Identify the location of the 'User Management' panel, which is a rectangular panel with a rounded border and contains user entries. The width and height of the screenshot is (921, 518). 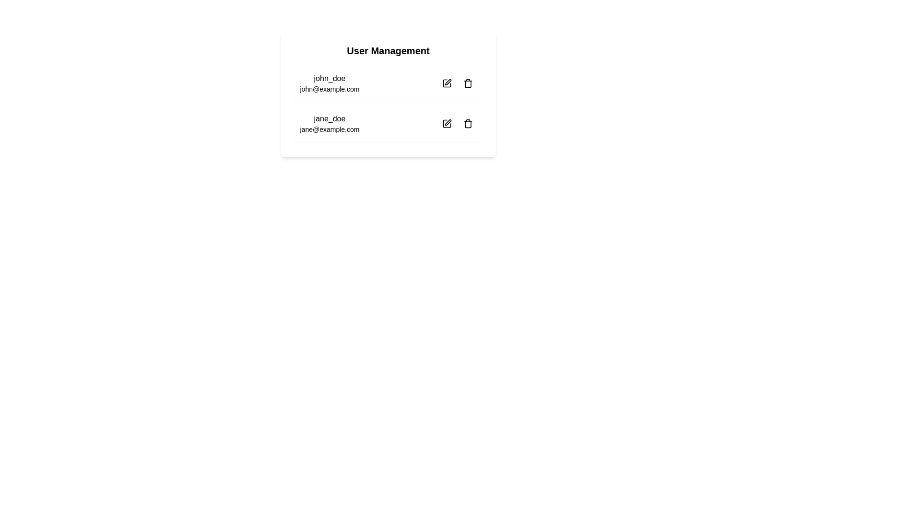
(388, 94).